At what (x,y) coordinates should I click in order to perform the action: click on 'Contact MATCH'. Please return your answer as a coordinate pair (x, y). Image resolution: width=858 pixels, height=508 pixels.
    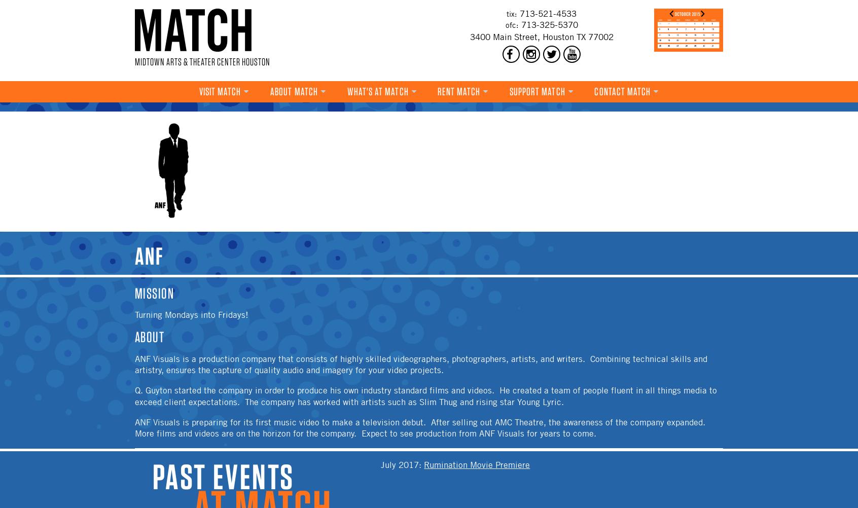
    Looking at the image, I should click on (622, 91).